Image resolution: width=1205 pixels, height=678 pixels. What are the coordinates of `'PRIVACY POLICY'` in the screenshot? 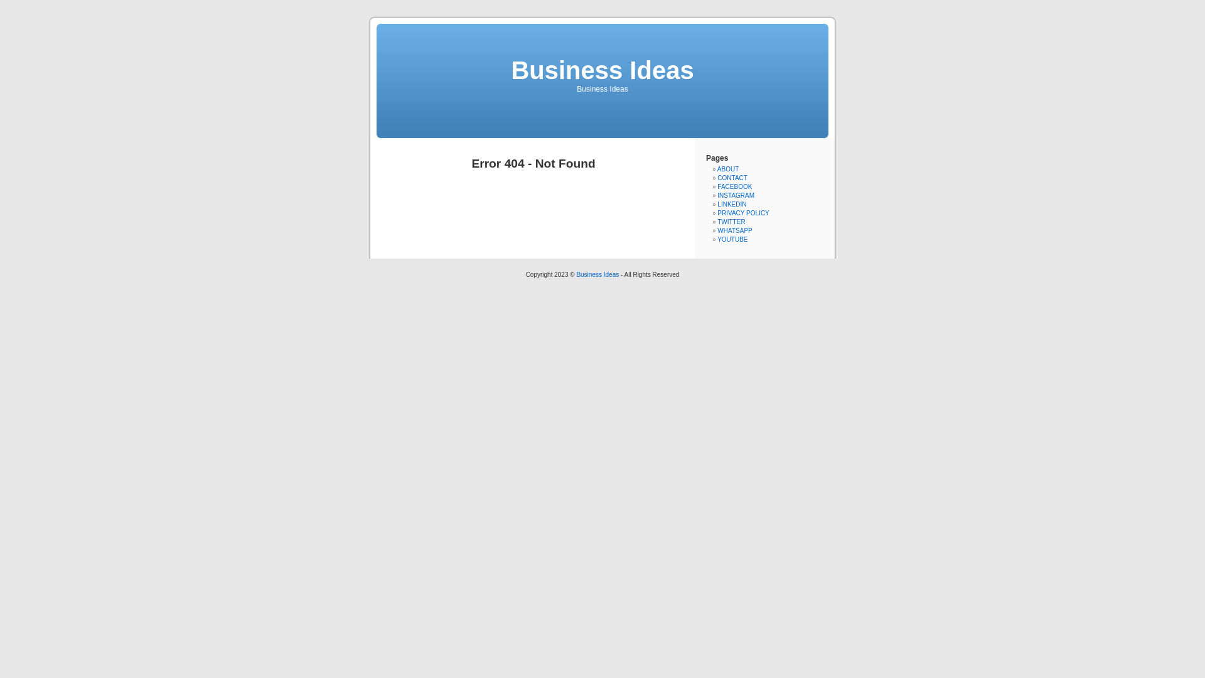 It's located at (717, 212).